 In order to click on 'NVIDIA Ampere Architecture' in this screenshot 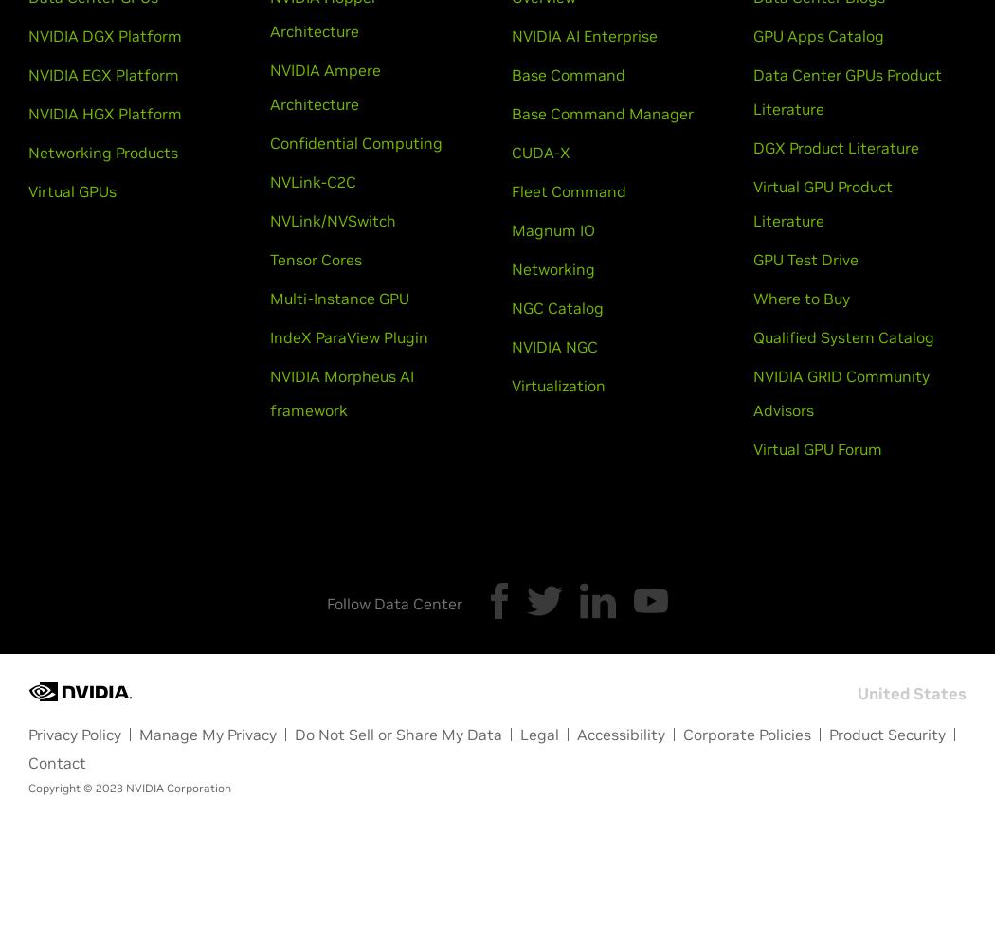, I will do `click(324, 87)`.